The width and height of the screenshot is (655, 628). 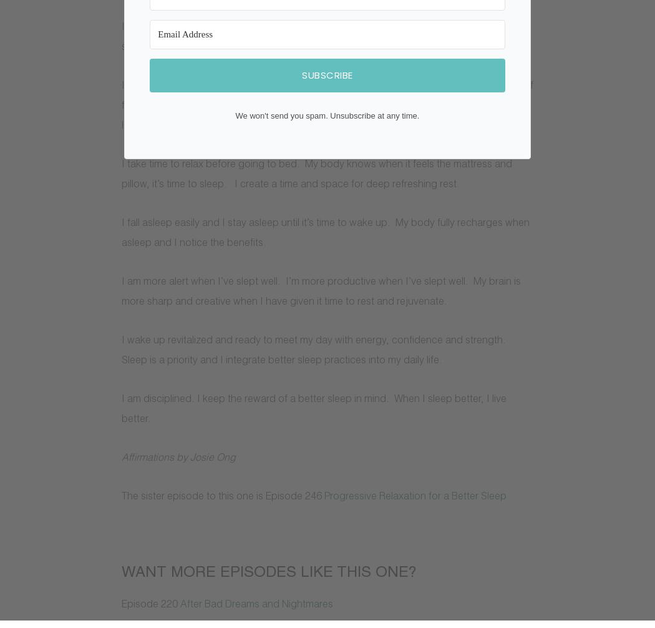 What do you see at coordinates (120, 233) in the screenshot?
I see `'I fall asleep easily and I stay asleep until it’s time to wake up.  My body fully recharges when asleep and I notice the benefits.'` at bounding box center [120, 233].